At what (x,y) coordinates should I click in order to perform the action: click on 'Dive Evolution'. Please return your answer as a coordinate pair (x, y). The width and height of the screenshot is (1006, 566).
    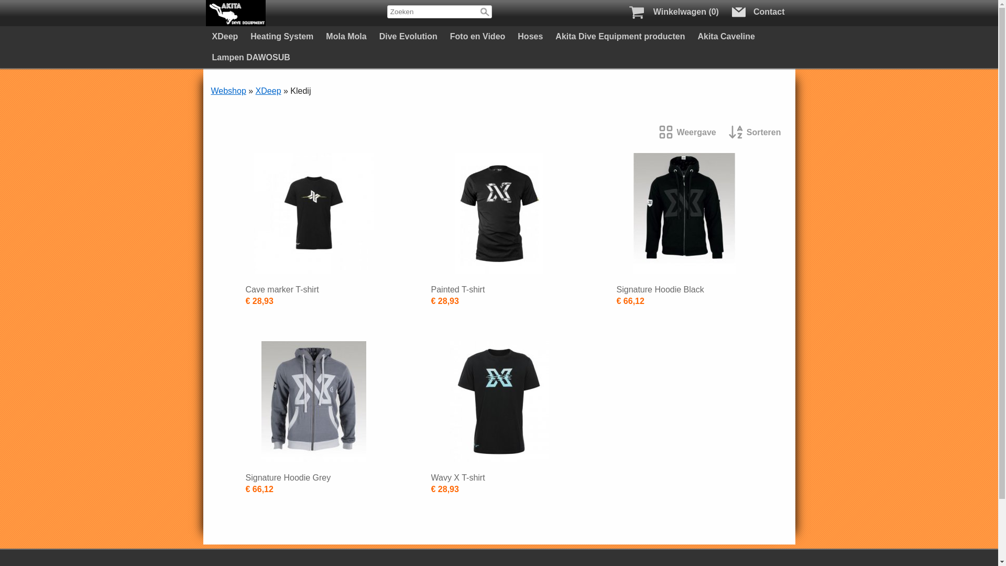
    Looking at the image, I should click on (373, 36).